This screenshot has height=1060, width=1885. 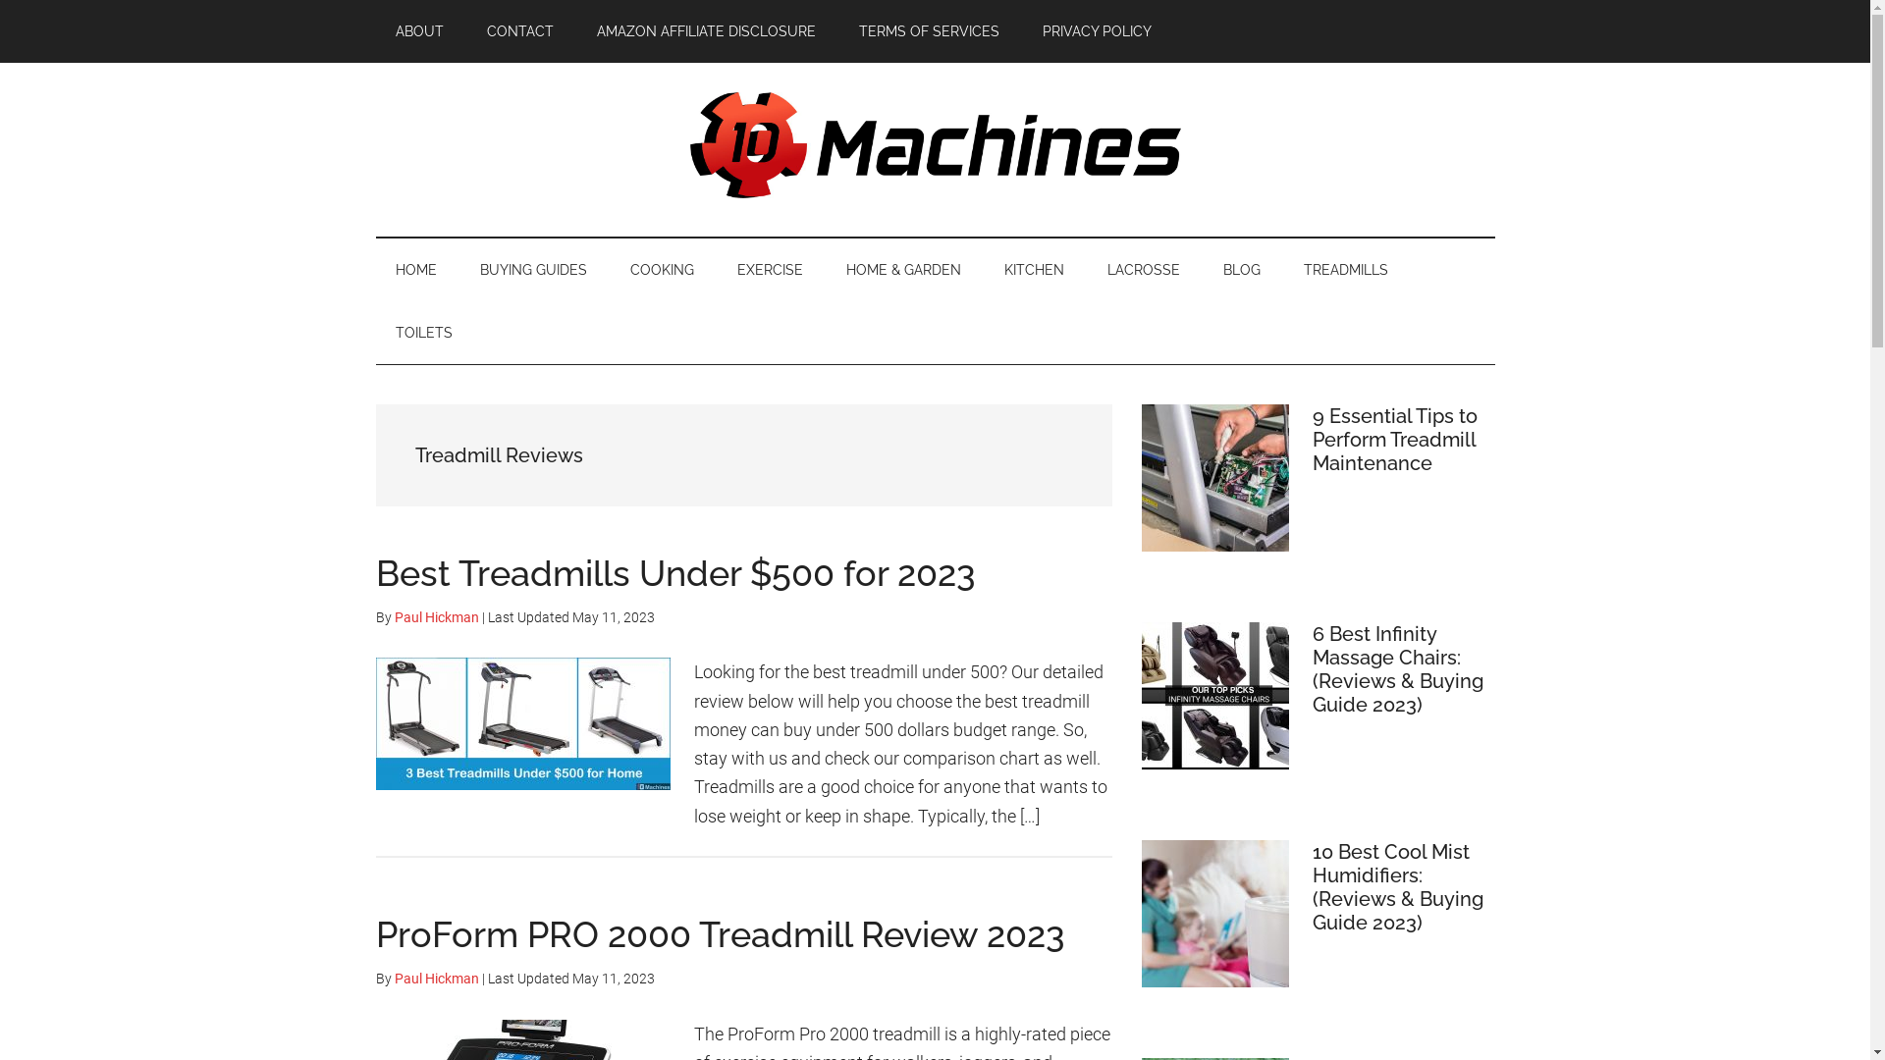 What do you see at coordinates (1202, 269) in the screenshot?
I see `'BLOG'` at bounding box center [1202, 269].